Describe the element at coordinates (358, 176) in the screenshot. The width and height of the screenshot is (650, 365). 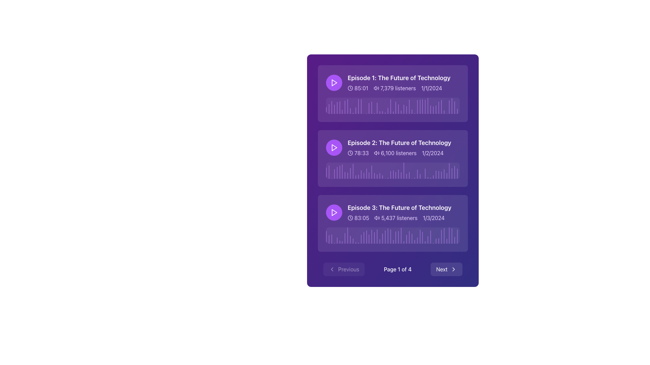
I see `the thirteenth vertical decorative line in the waveform visualization of 'Episode 2: The Future of Technology'` at that location.